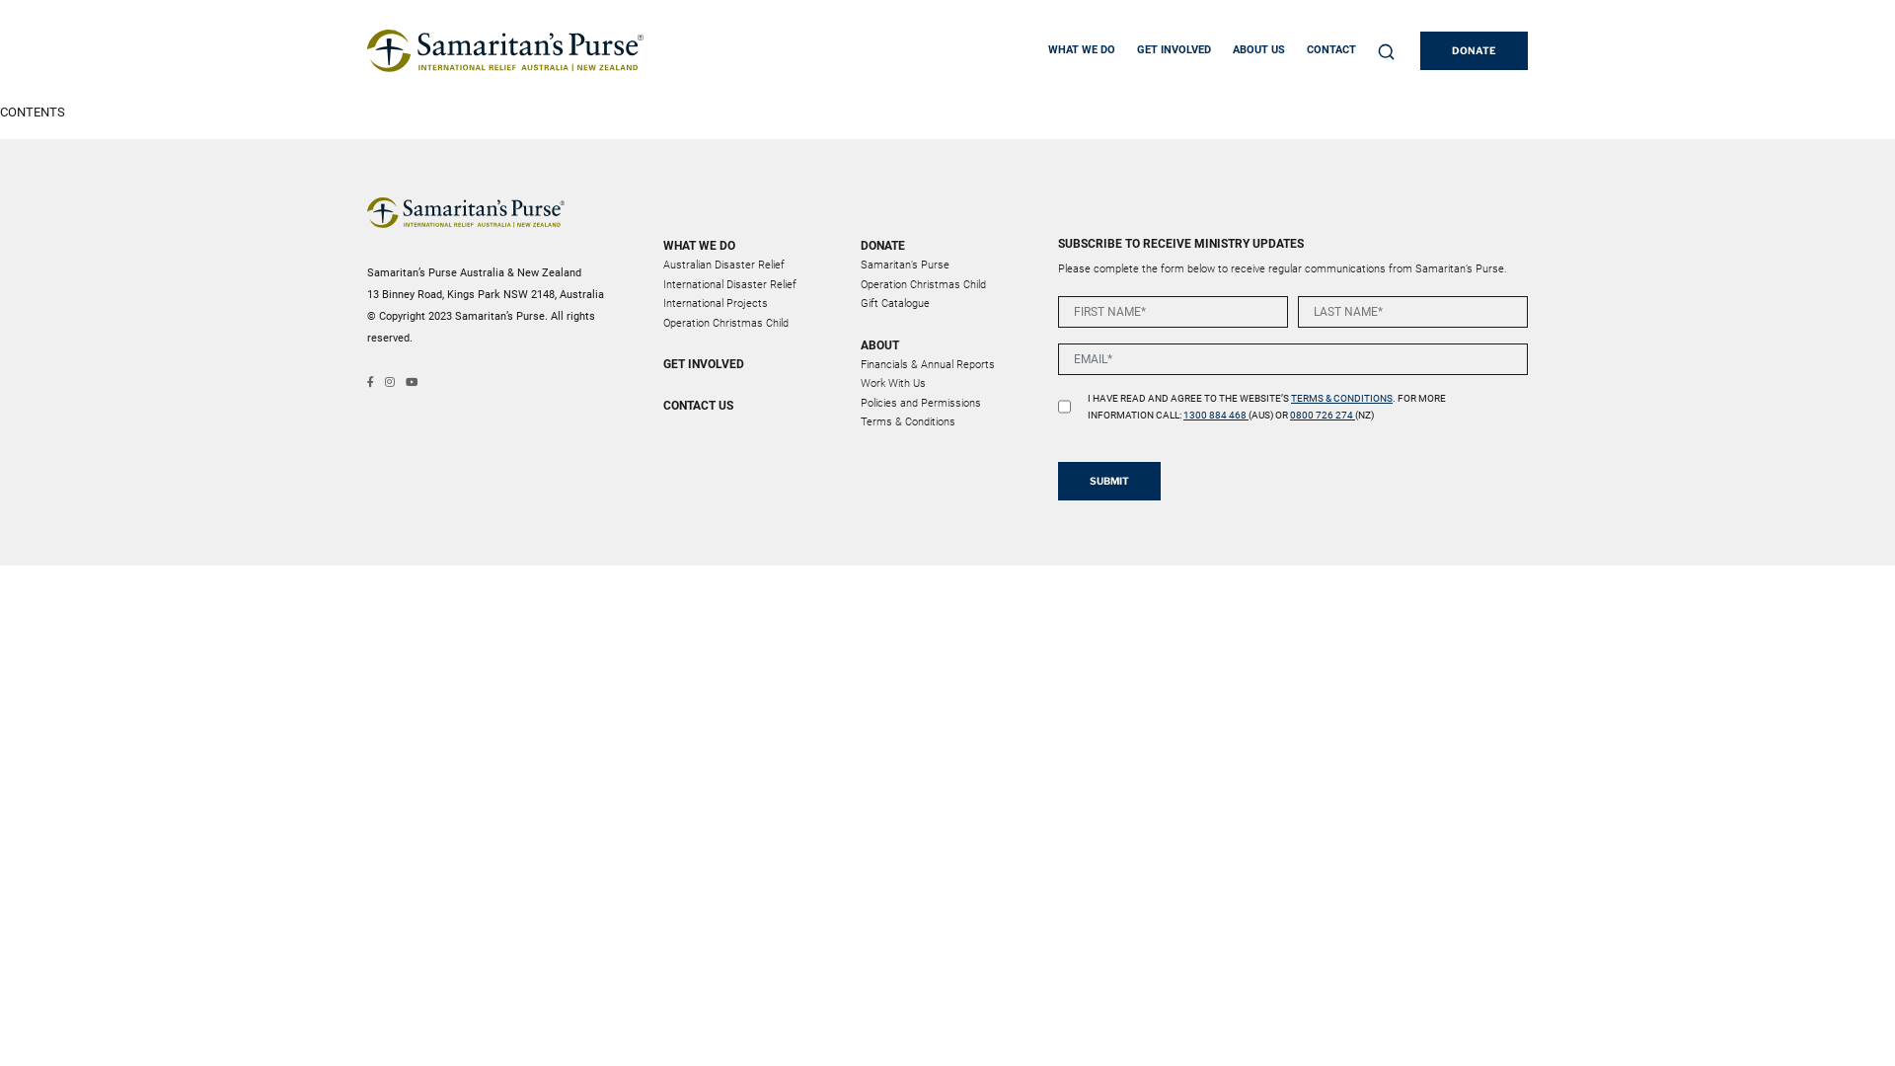 This screenshot has width=1895, height=1066. I want to click on '0800 726 274', so click(1322, 414).